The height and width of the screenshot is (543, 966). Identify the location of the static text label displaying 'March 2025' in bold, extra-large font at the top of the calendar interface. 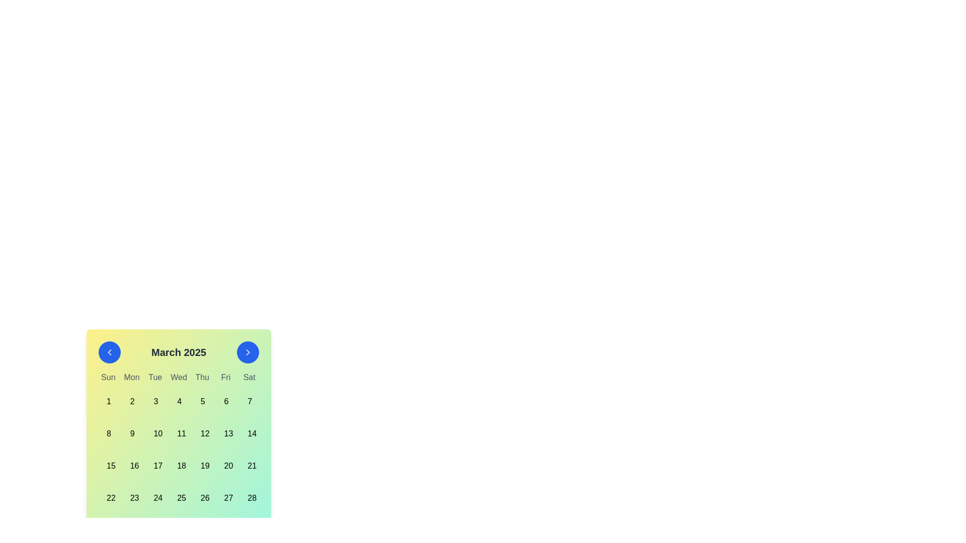
(179, 352).